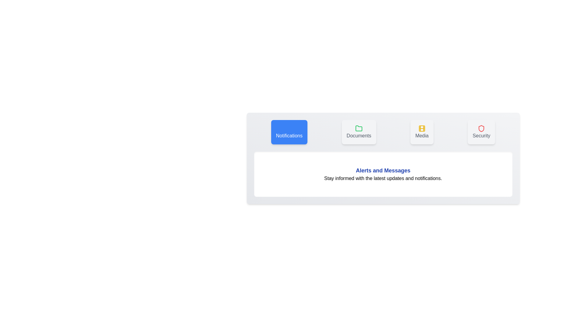 This screenshot has width=585, height=329. I want to click on the tab labeled Media to view its content, so click(421, 132).